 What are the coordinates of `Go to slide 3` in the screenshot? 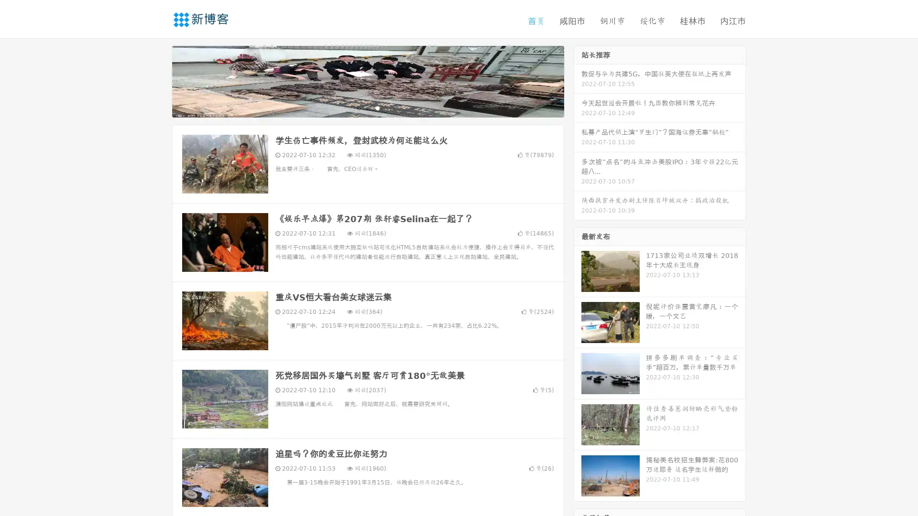 It's located at (377, 107).